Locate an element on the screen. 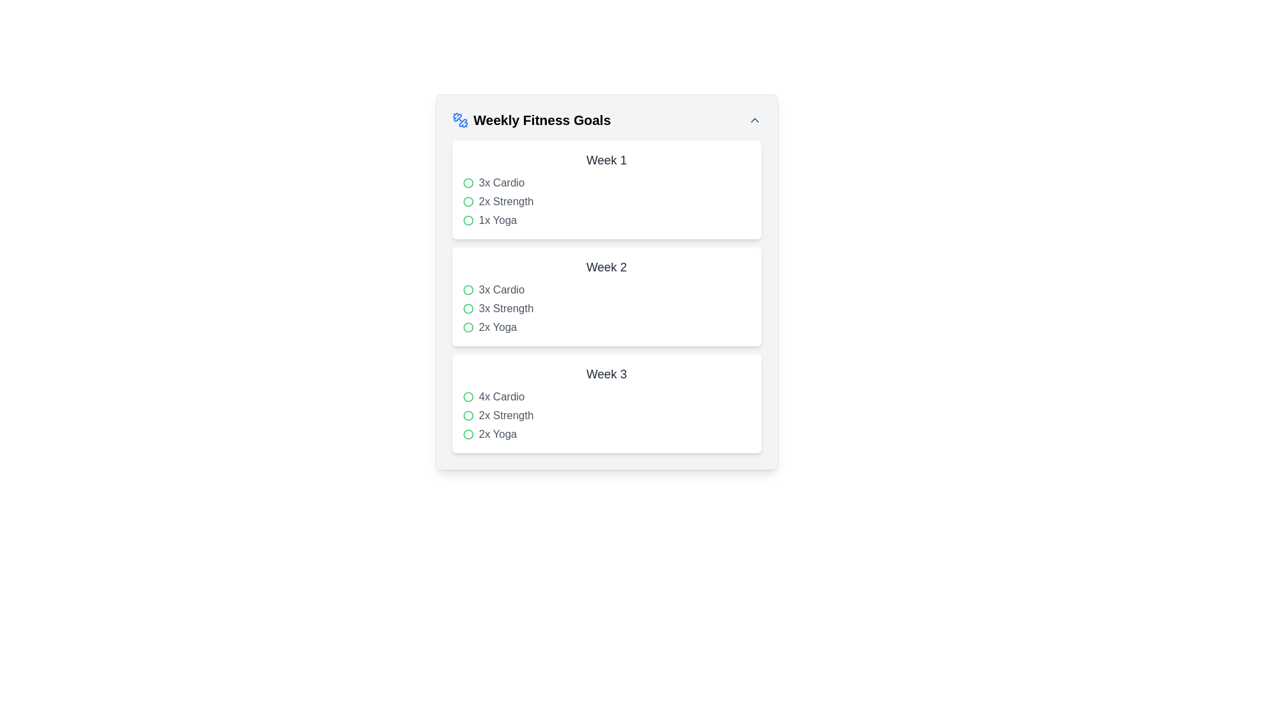  the Text Label indicating three sessions of cardio for Week 2, which is positioned to the right of a green circular icon and above the '3x Strength' entry is located at coordinates (501, 289).